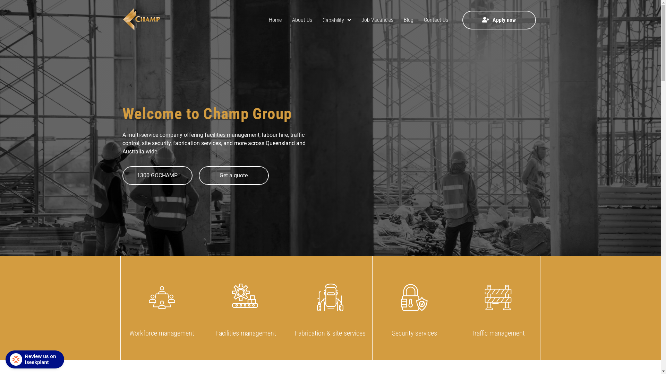 This screenshot has height=374, width=666. What do you see at coordinates (246, 308) in the screenshot?
I see `'Facilities management'` at bounding box center [246, 308].